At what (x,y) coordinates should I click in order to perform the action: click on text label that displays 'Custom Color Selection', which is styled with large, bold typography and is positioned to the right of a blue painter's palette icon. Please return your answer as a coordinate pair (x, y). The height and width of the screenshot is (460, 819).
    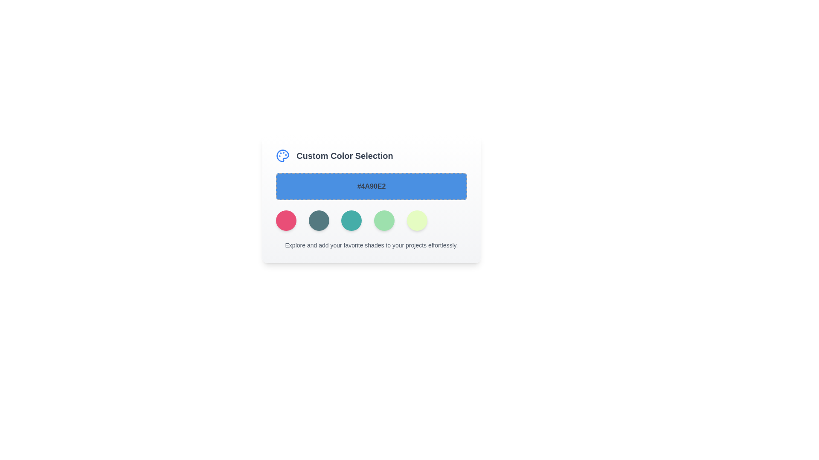
    Looking at the image, I should click on (345, 156).